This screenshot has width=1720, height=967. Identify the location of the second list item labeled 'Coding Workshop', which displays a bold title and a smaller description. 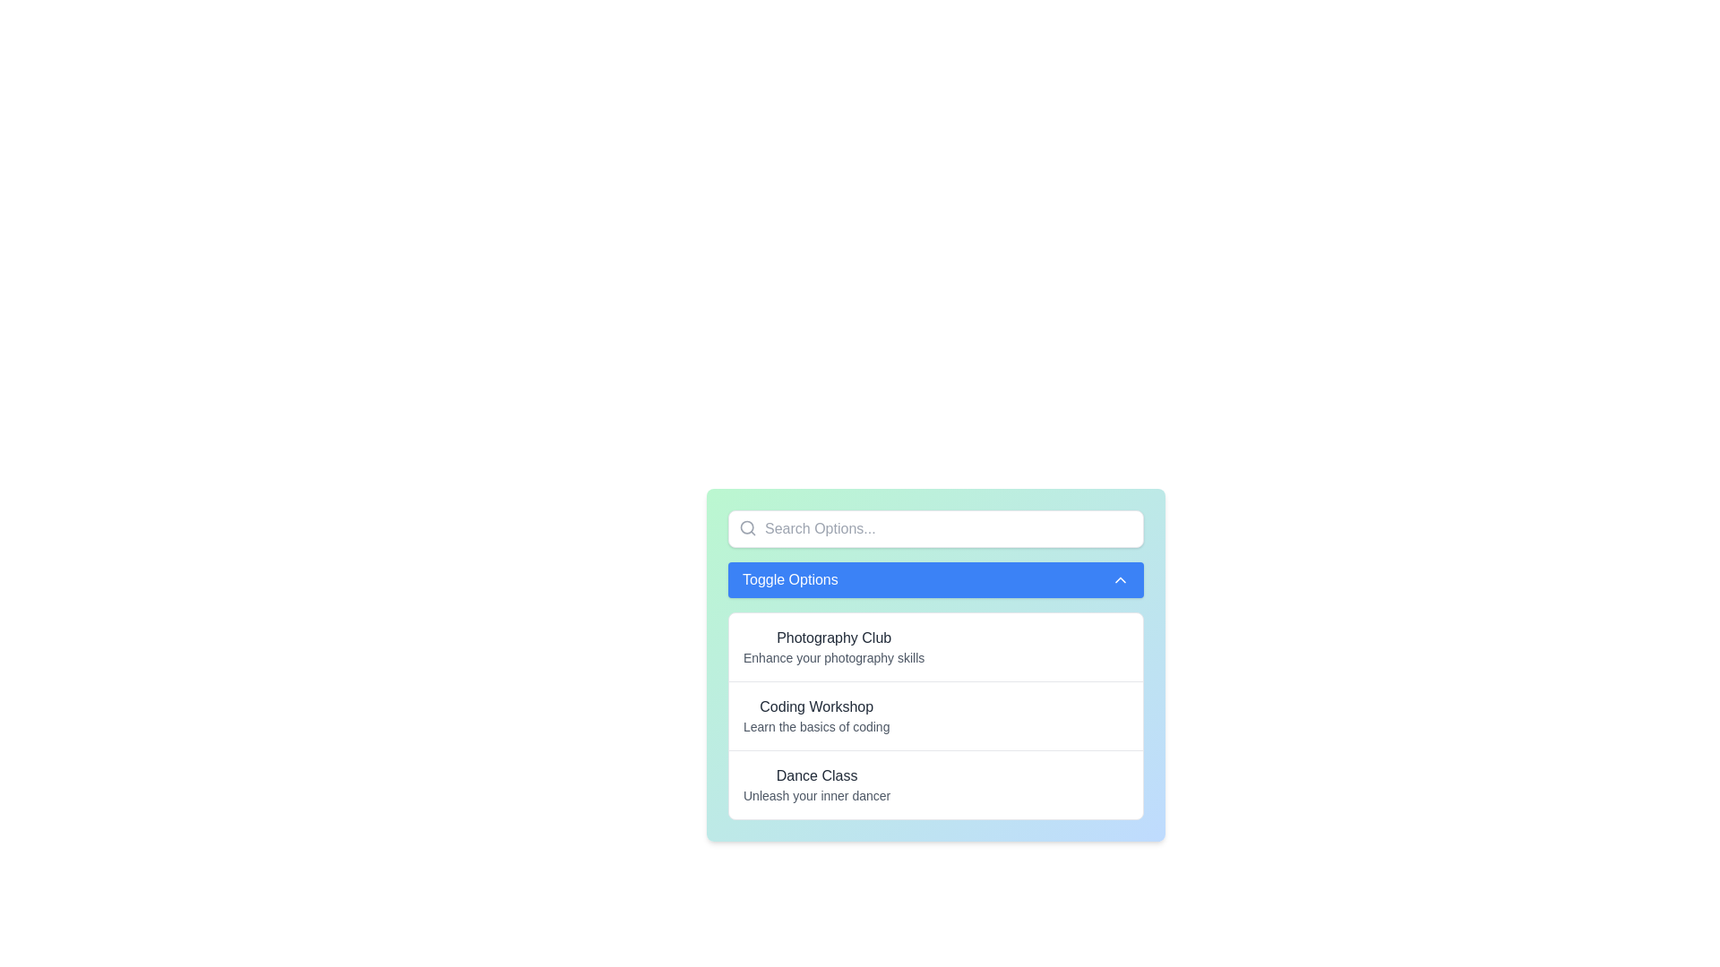
(935, 715).